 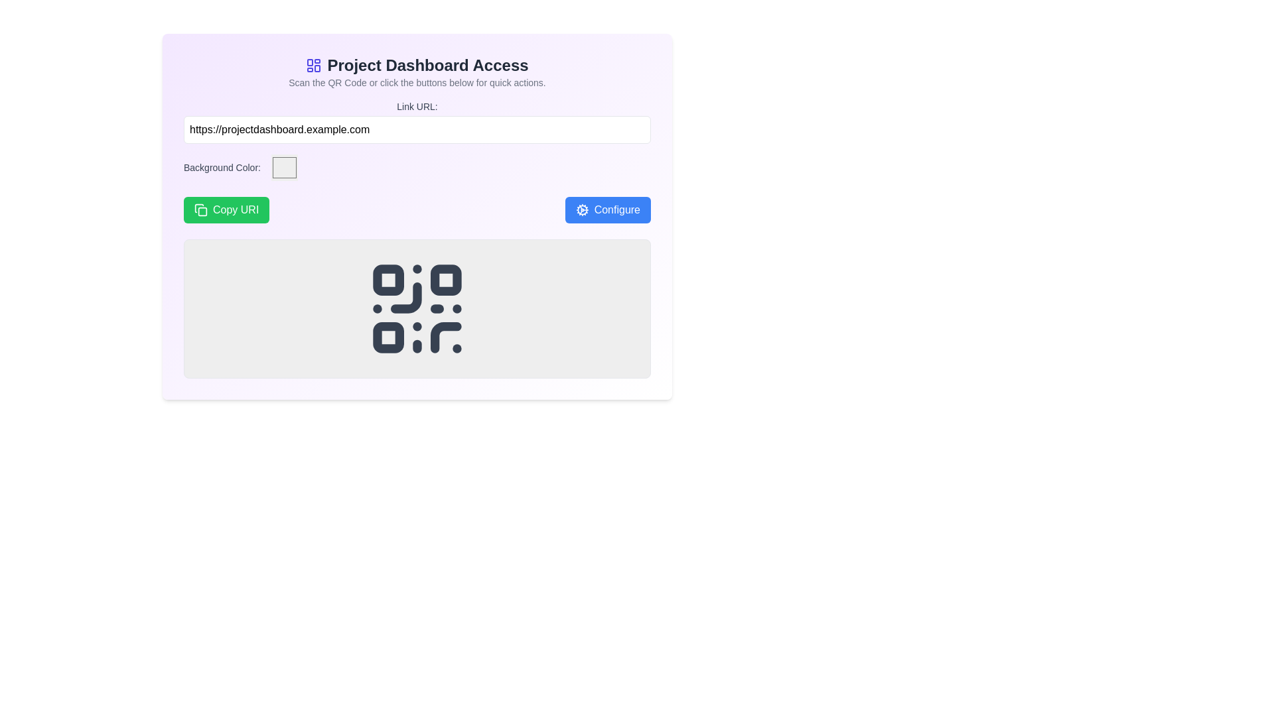 I want to click on the decorative SVG-based icon located to the left of the 'Project Dashboard Access' text in the header section, so click(x=313, y=66).